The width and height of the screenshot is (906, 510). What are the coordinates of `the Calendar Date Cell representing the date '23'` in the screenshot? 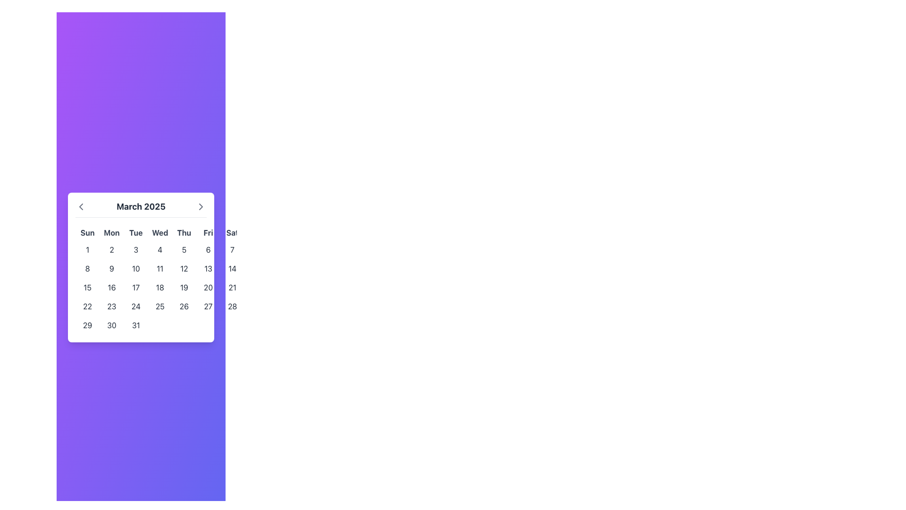 It's located at (111, 306).